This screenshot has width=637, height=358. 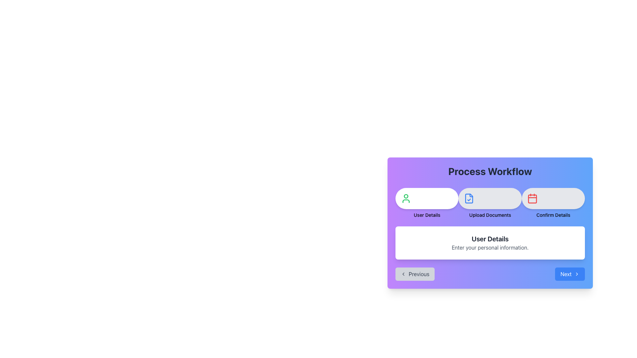 I want to click on the 'Confirm Details' step indicator button in the Process Workflow section, so click(x=553, y=203).